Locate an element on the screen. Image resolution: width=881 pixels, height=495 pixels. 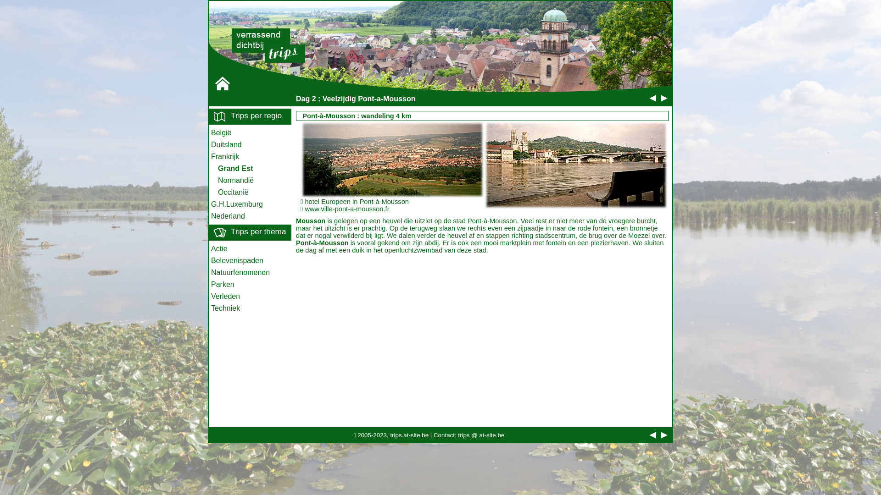
'vorige dag' is located at coordinates (649, 98).